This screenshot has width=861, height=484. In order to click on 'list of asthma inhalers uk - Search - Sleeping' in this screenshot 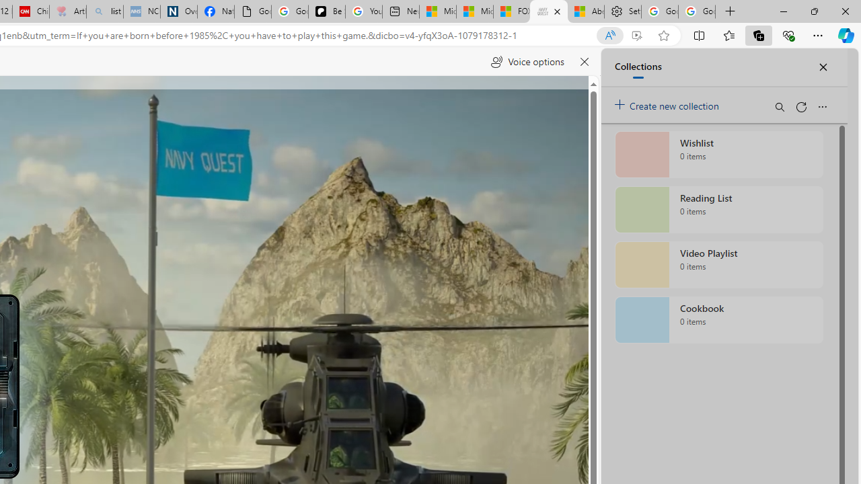, I will do `click(104, 11)`.